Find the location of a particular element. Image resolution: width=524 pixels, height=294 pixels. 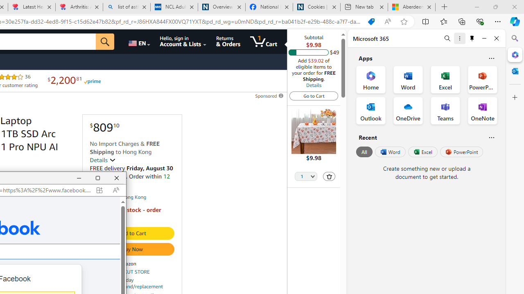

'Returns & Orders' is located at coordinates (228, 41).